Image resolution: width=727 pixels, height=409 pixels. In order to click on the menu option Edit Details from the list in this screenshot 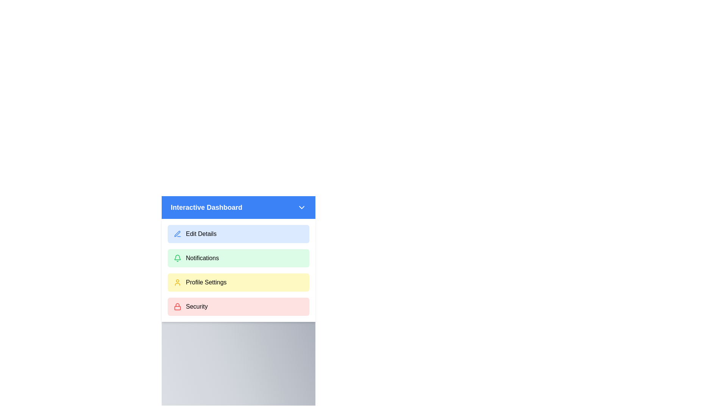, I will do `click(238, 233)`.